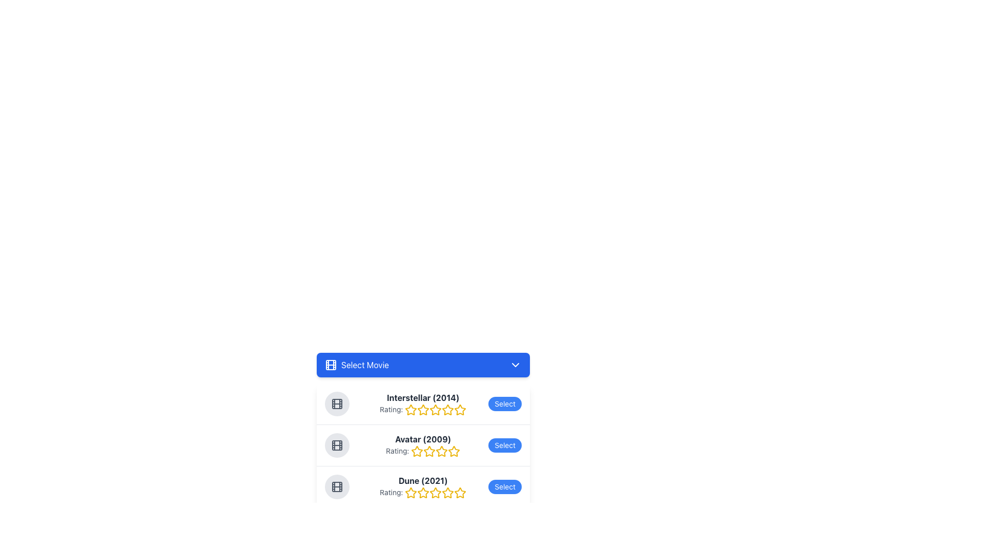 The image size is (984, 553). I want to click on the circular icon with a light gray background and a film reel graphic, which represents the movie 'Dune (2021)' in the dropdown menu, so click(337, 486).